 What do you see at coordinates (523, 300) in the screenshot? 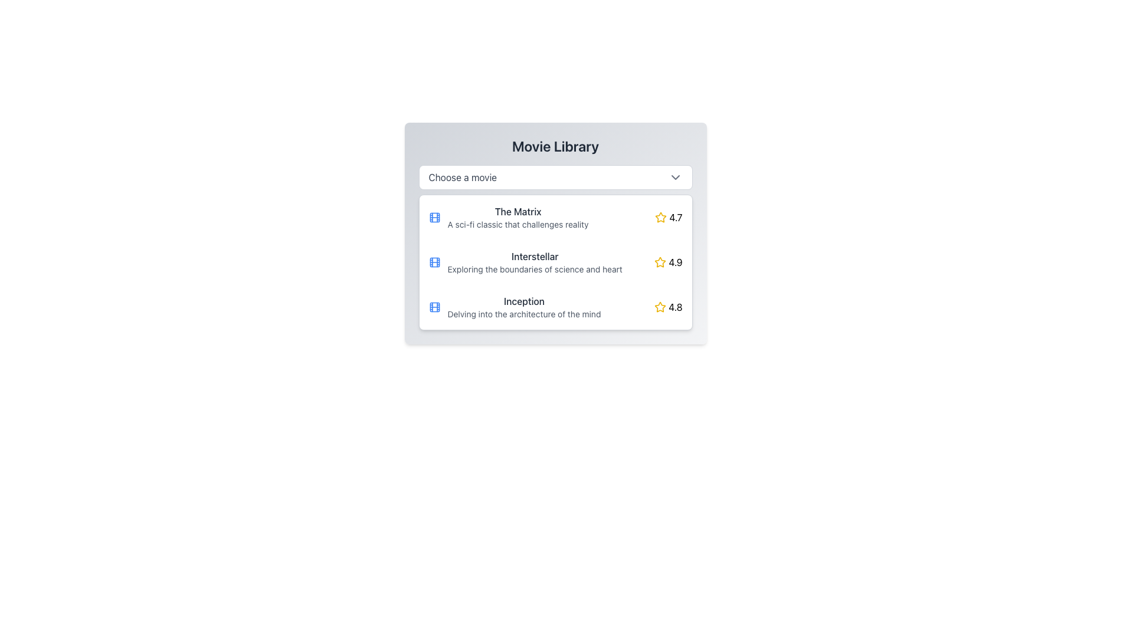
I see `the title text of the movie 'Inception' located in the third entry of the movie list` at bounding box center [523, 300].